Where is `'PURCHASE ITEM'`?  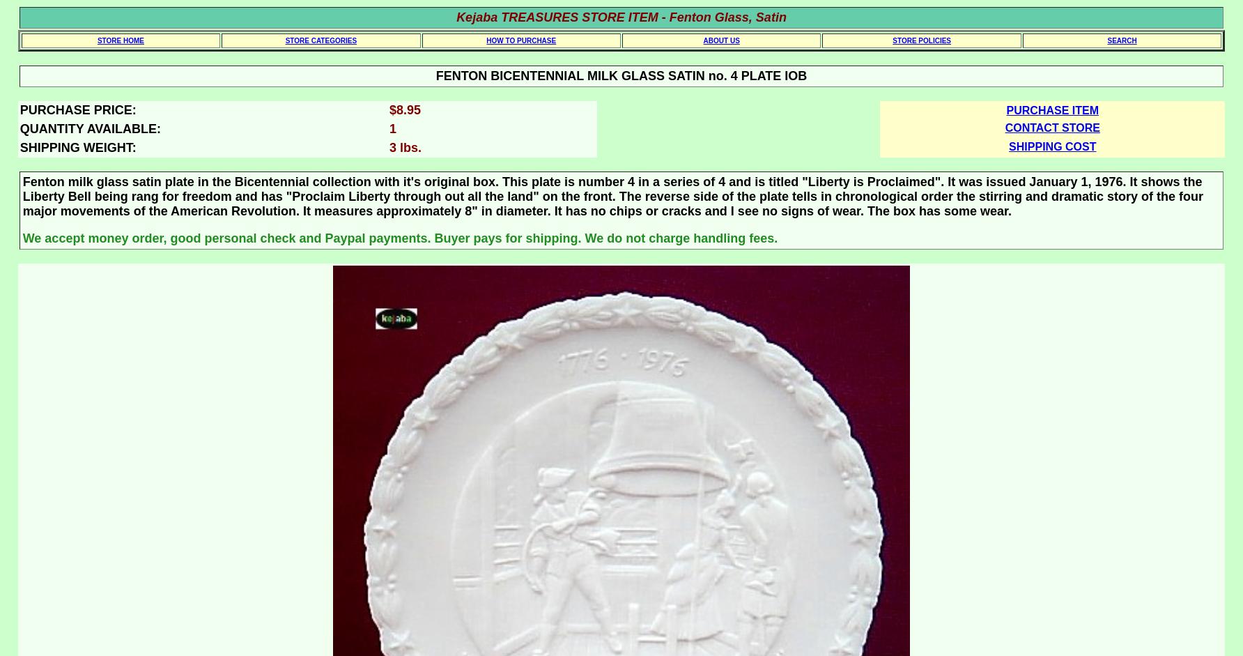
'PURCHASE ITEM' is located at coordinates (1051, 109).